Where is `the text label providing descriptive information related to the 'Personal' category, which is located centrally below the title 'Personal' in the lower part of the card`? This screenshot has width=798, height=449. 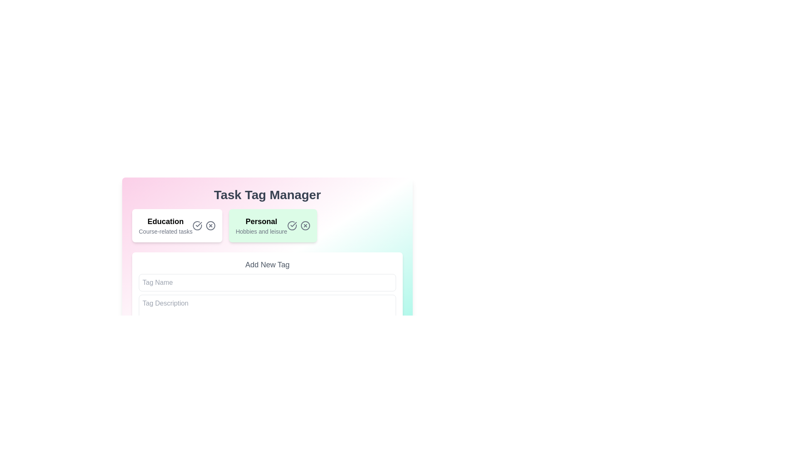
the text label providing descriptive information related to the 'Personal' category, which is located centrally below the title 'Personal' in the lower part of the card is located at coordinates (261, 231).